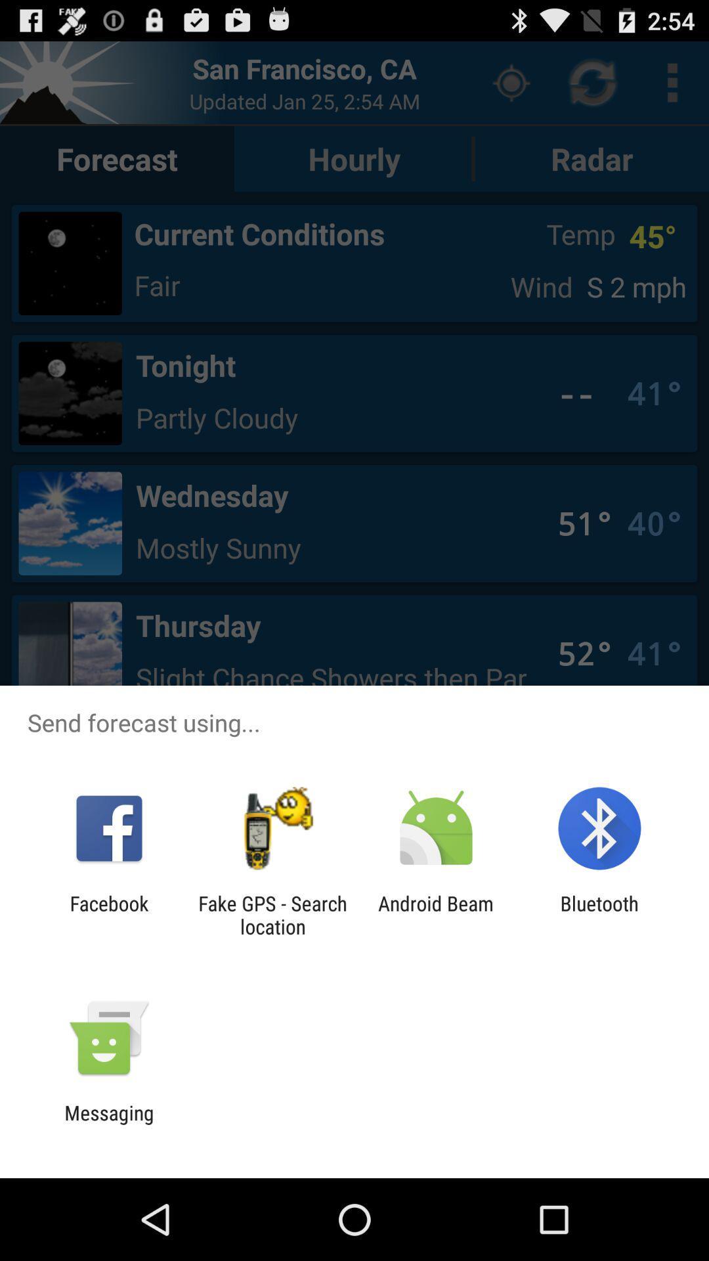 The image size is (709, 1261). I want to click on the icon to the right of the facebook item, so click(272, 914).